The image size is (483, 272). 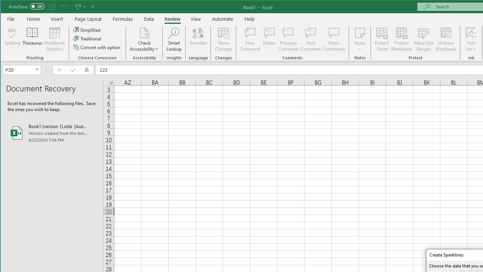 I want to click on 'Hide Ink', so click(x=471, y=32).